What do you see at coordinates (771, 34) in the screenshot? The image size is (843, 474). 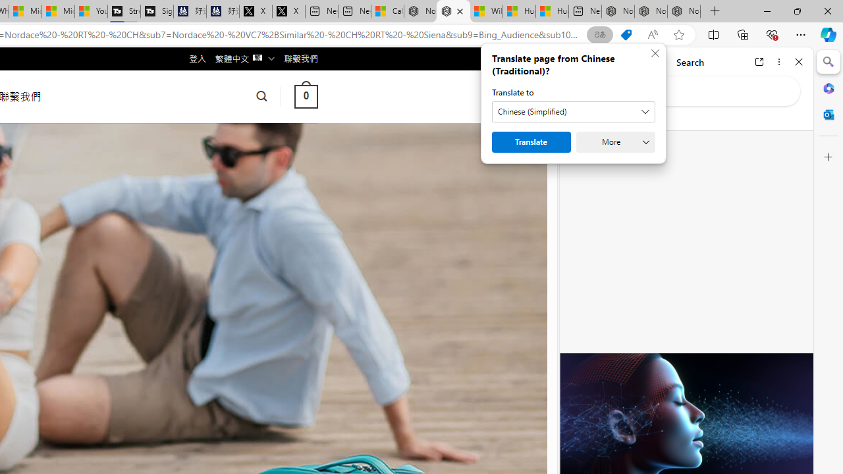 I see `'Browser essentials'` at bounding box center [771, 34].